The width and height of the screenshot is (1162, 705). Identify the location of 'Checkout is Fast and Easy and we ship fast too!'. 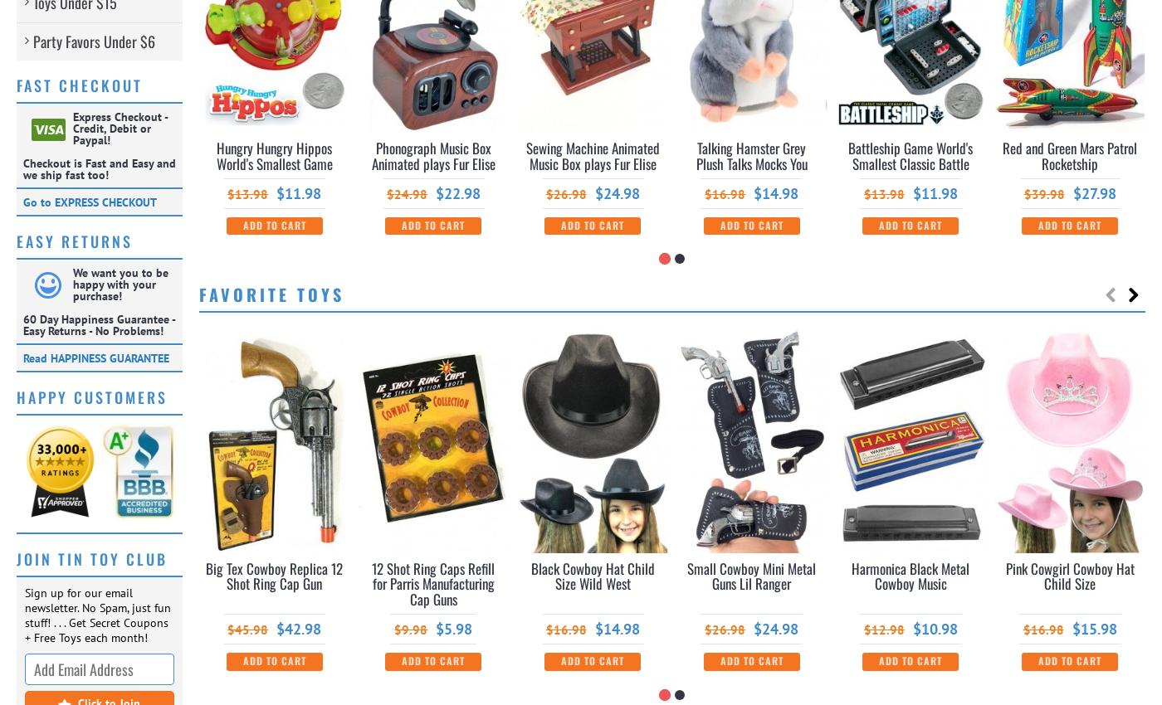
(23, 167).